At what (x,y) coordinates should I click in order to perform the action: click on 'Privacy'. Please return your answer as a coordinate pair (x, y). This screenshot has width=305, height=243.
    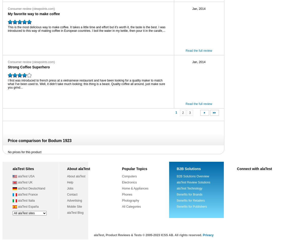
    Looking at the image, I should click on (208, 235).